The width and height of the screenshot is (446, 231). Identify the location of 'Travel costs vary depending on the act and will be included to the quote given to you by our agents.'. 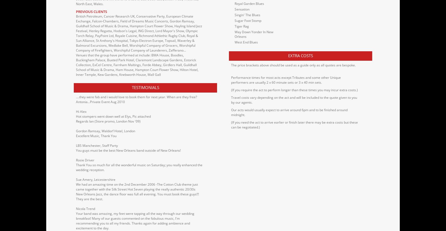
(294, 100).